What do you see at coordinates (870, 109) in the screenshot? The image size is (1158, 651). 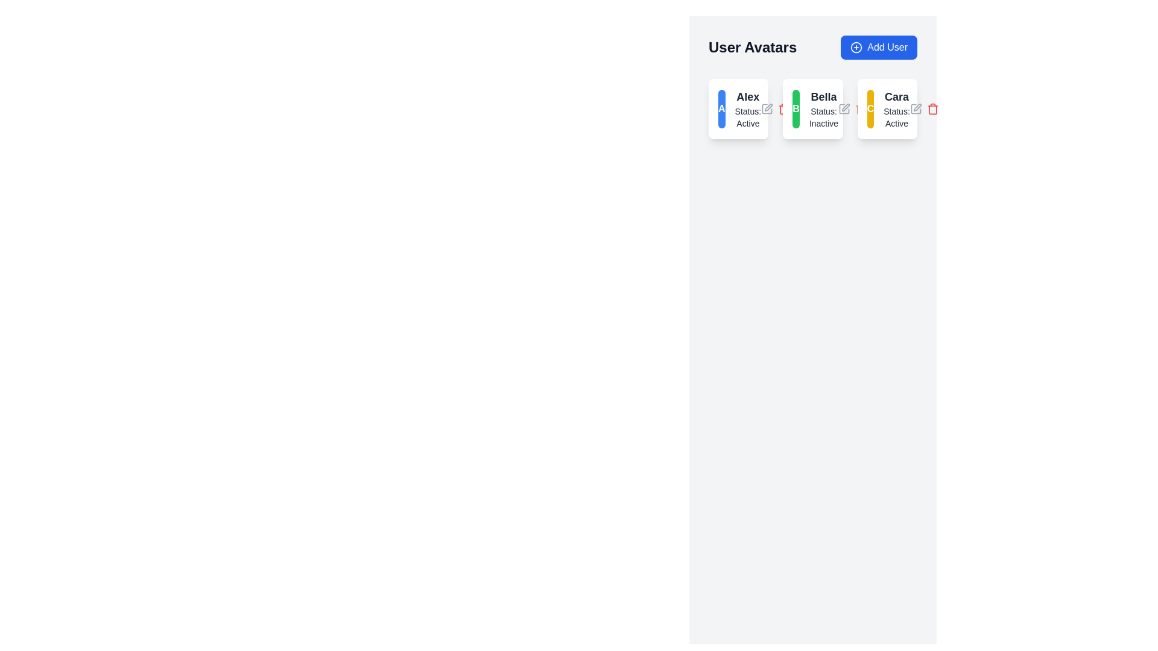 I see `the Circular Avatar Icon with a bold white letter 'C' on a yellow background, located in the third card from the left under the 'User Avatars' heading` at bounding box center [870, 109].